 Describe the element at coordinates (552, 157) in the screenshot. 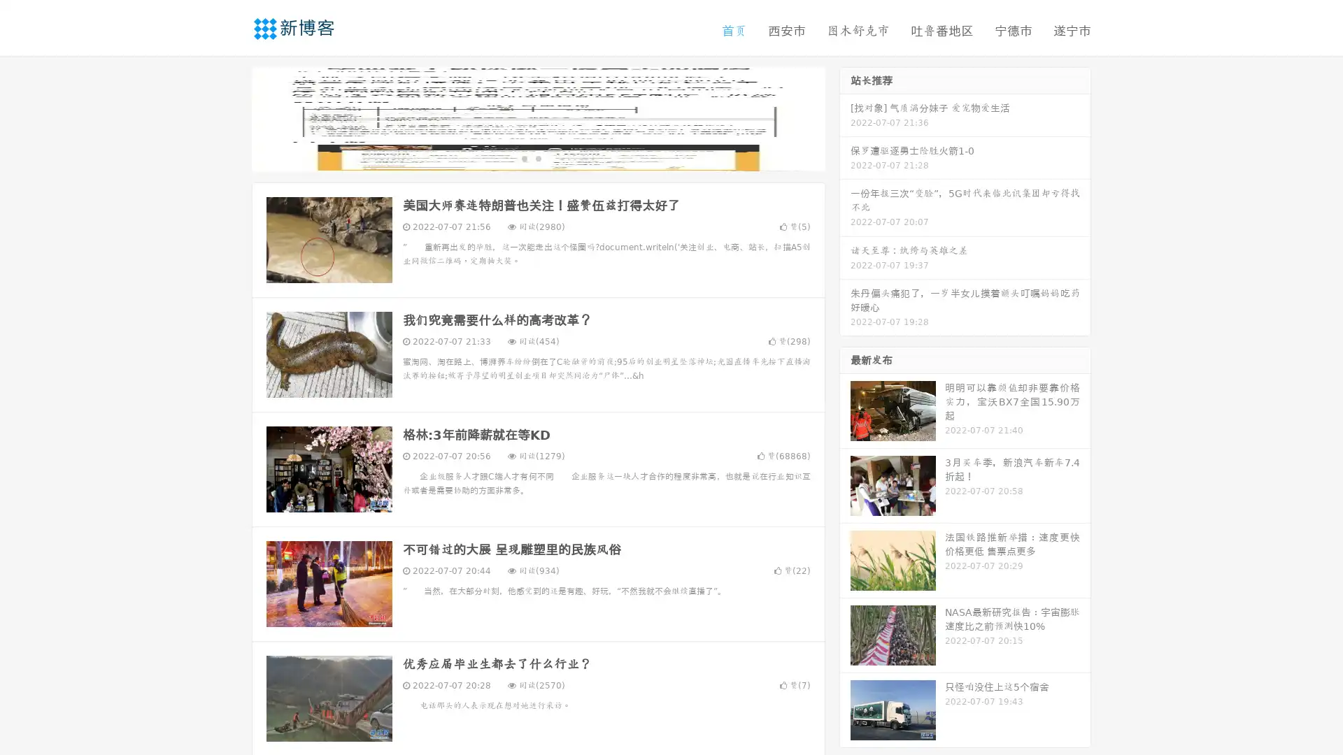

I see `Go to slide 3` at that location.